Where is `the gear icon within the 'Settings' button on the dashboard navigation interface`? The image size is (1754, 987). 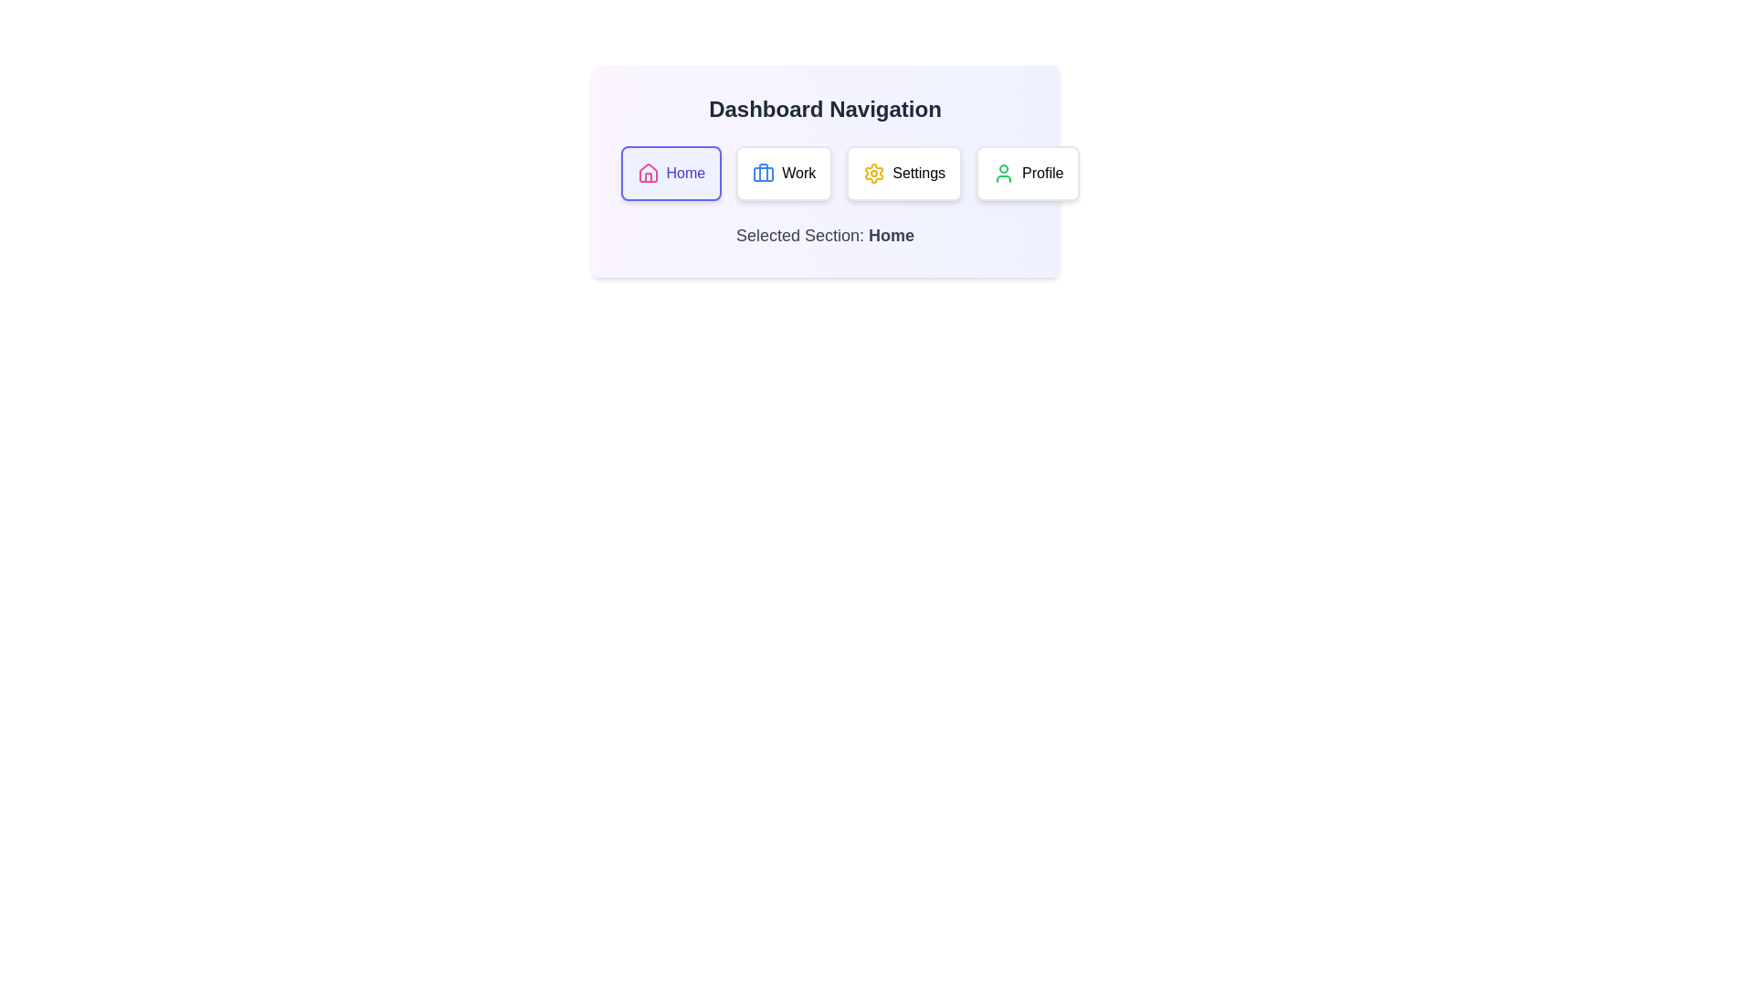 the gear icon within the 'Settings' button on the dashboard navigation interface is located at coordinates (873, 173).